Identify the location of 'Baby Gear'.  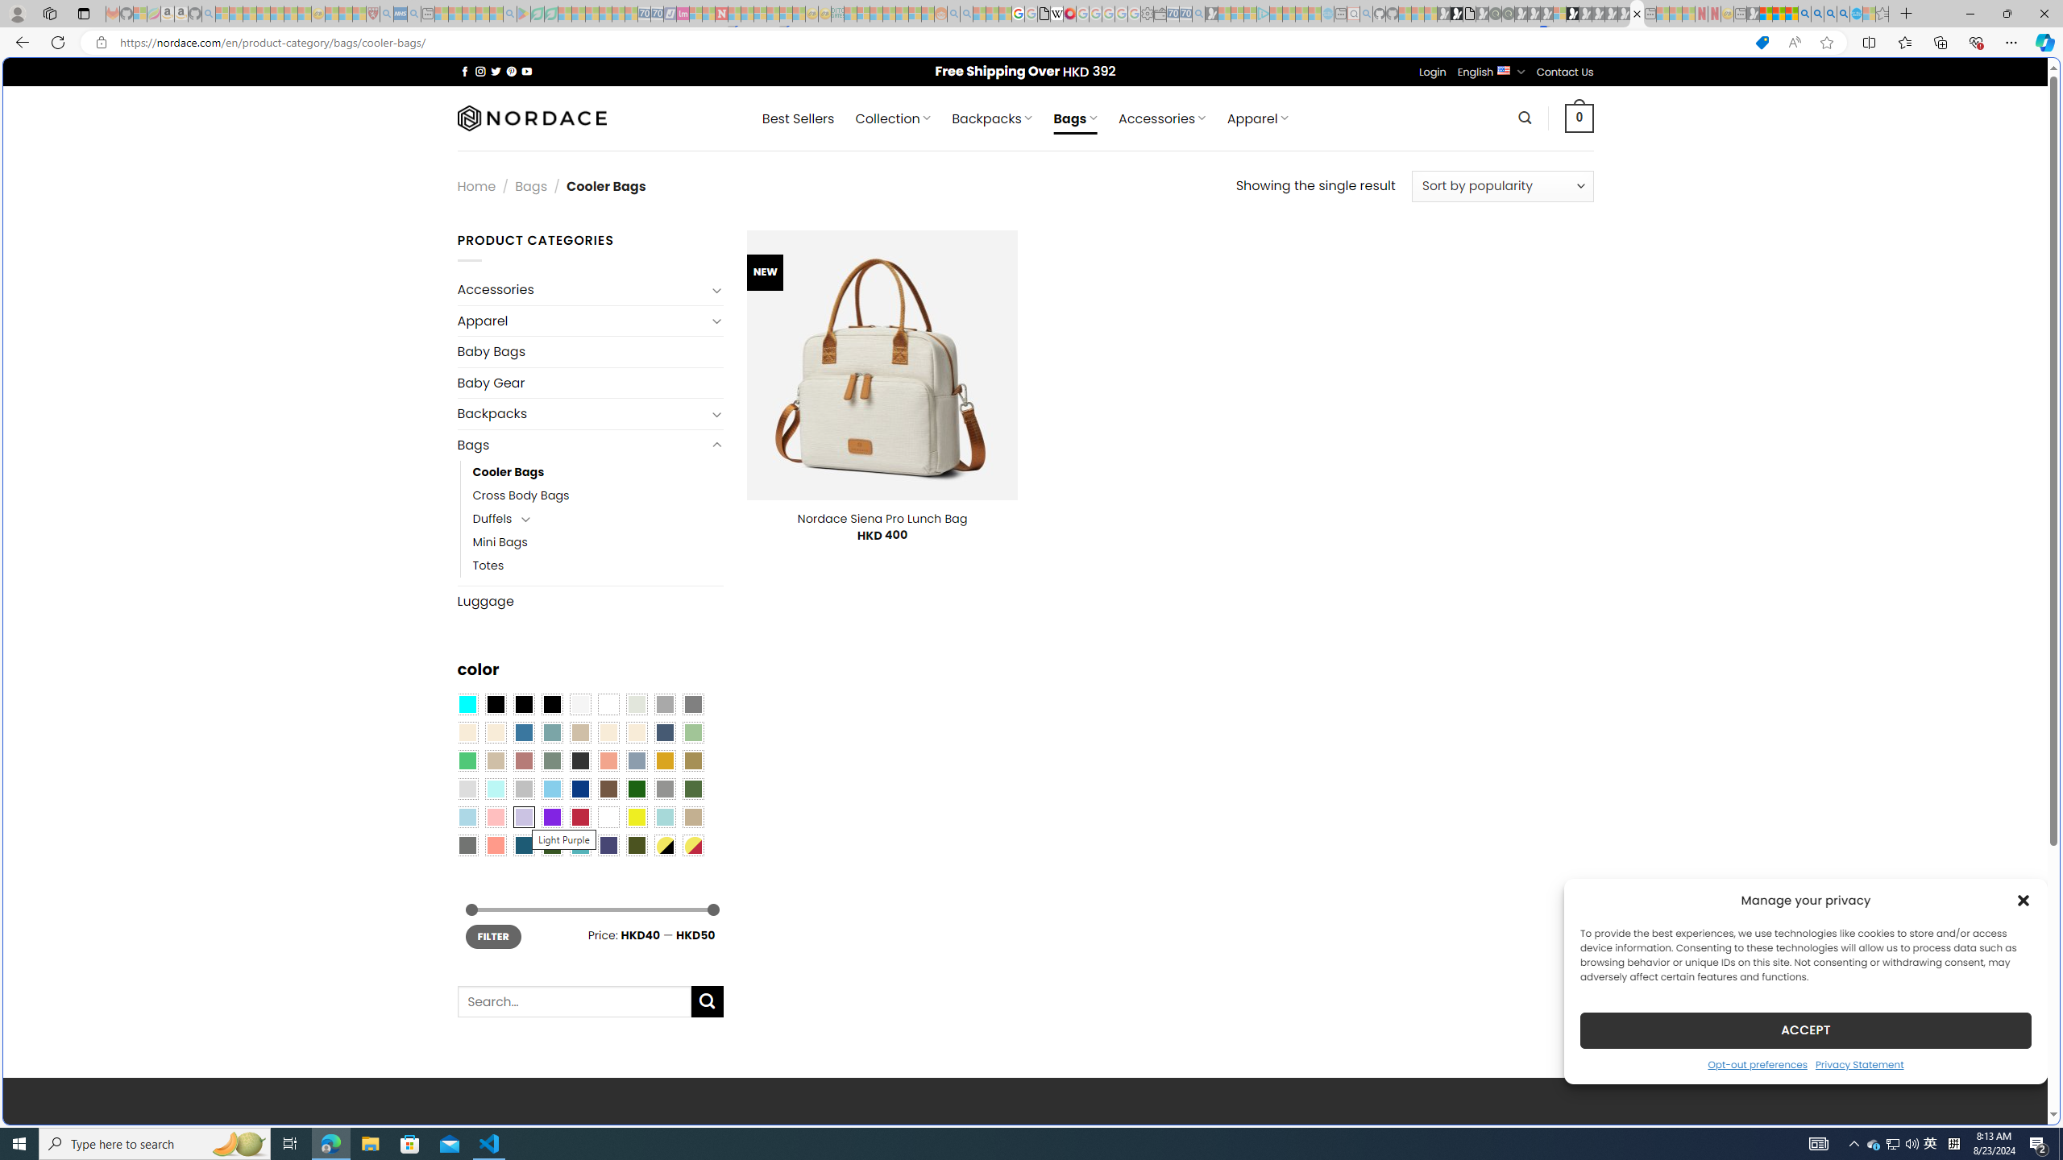
(589, 382).